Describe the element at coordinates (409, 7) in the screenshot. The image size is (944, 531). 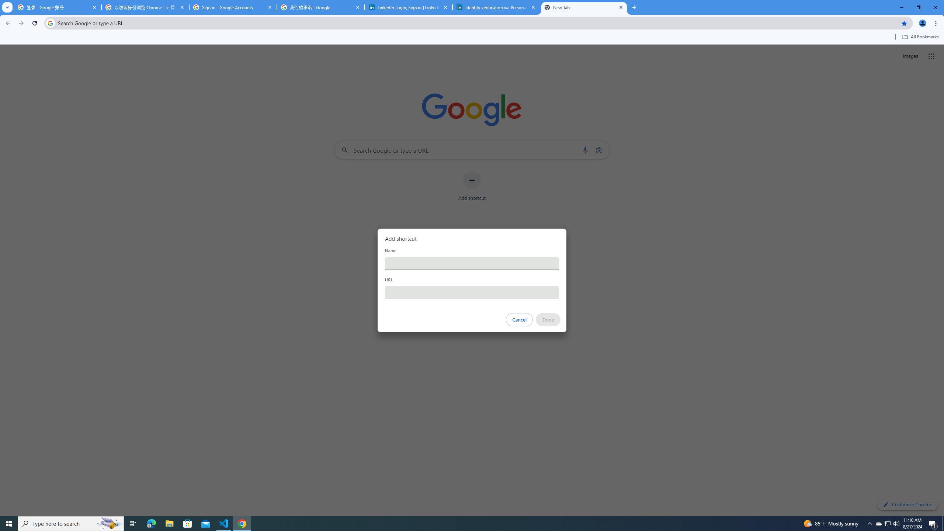
I see `'LinkedIn Login, Sign in | LinkedIn'` at that location.